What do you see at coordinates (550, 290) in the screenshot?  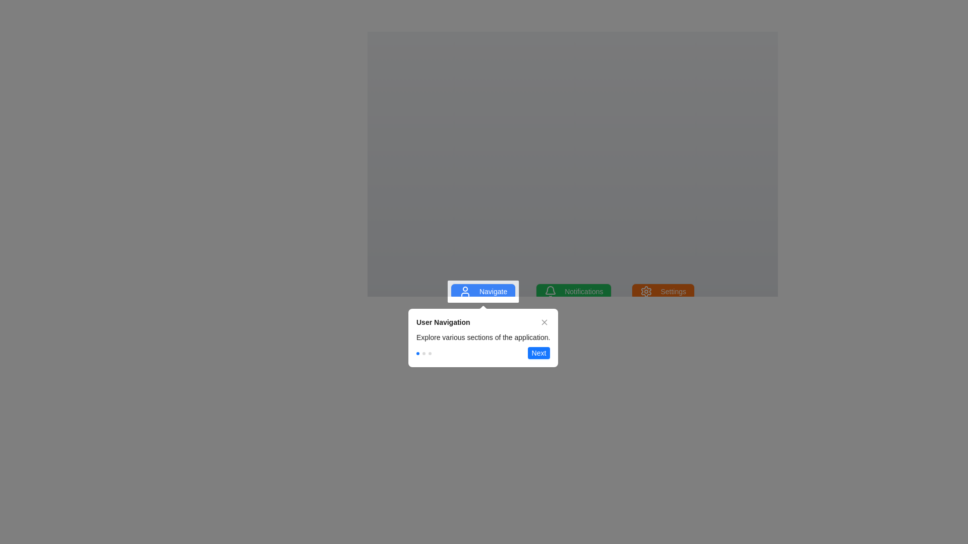 I see `the green bell icon located in the top notification bar` at bounding box center [550, 290].